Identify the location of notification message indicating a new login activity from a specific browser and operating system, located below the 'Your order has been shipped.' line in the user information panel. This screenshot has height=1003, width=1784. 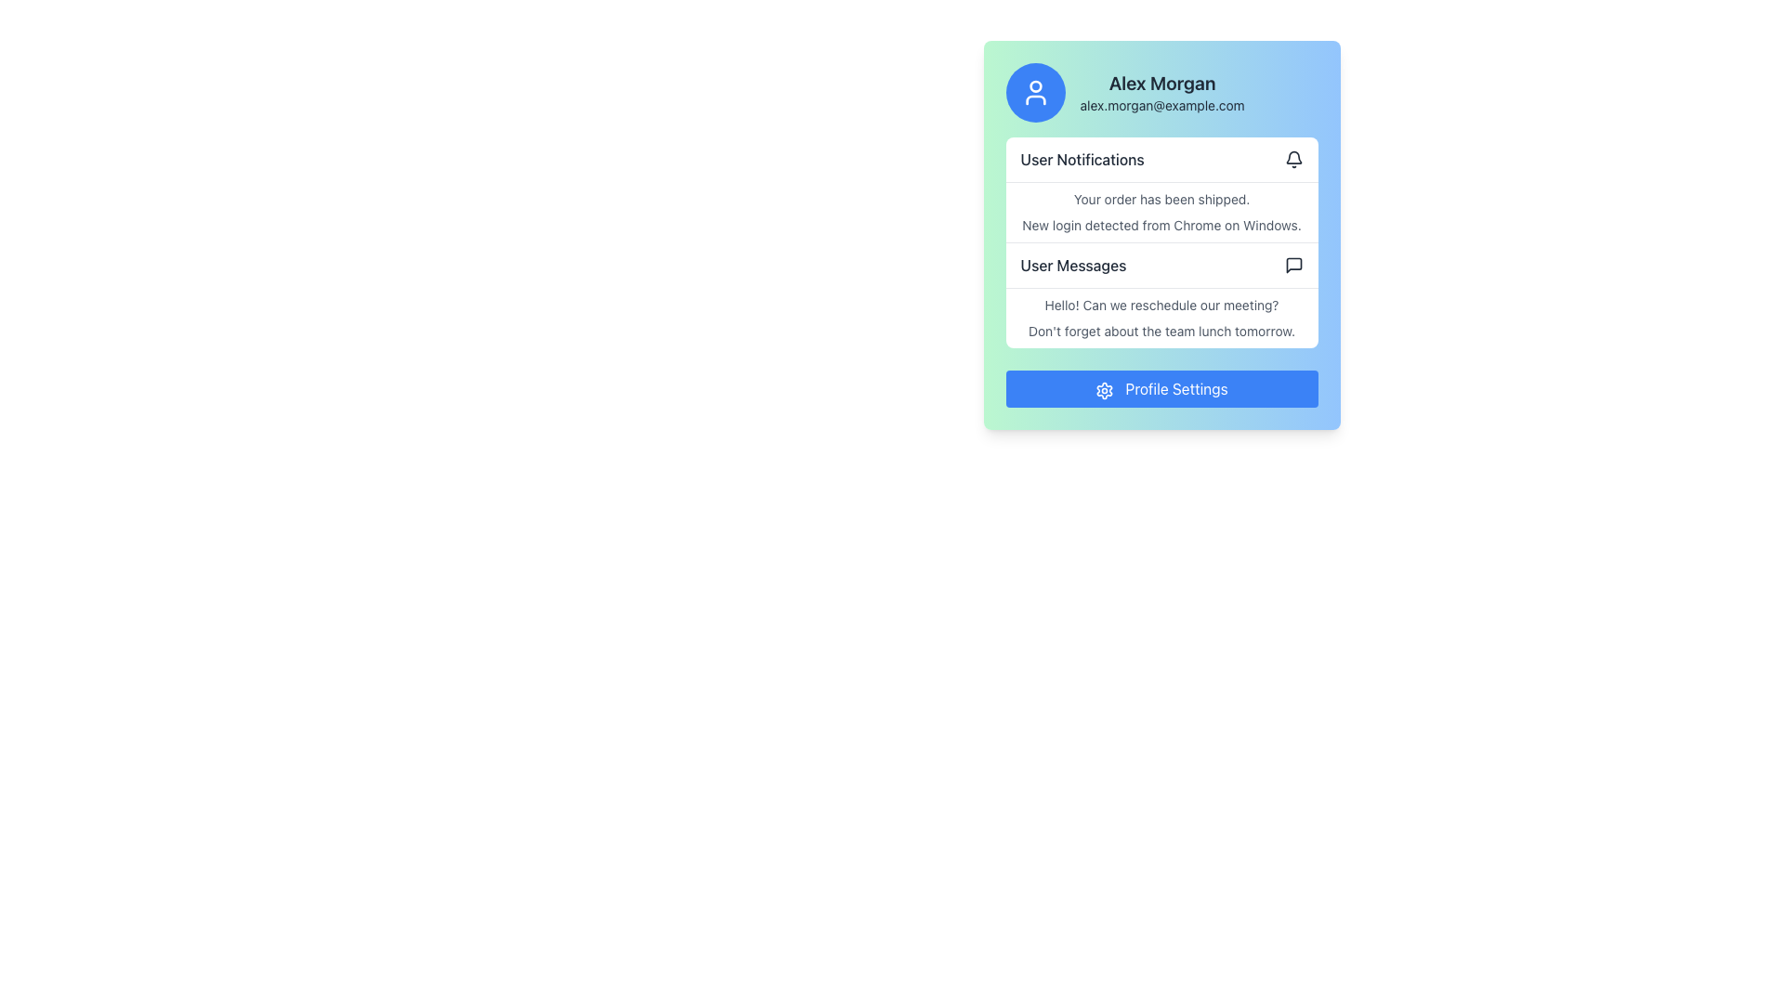
(1161, 225).